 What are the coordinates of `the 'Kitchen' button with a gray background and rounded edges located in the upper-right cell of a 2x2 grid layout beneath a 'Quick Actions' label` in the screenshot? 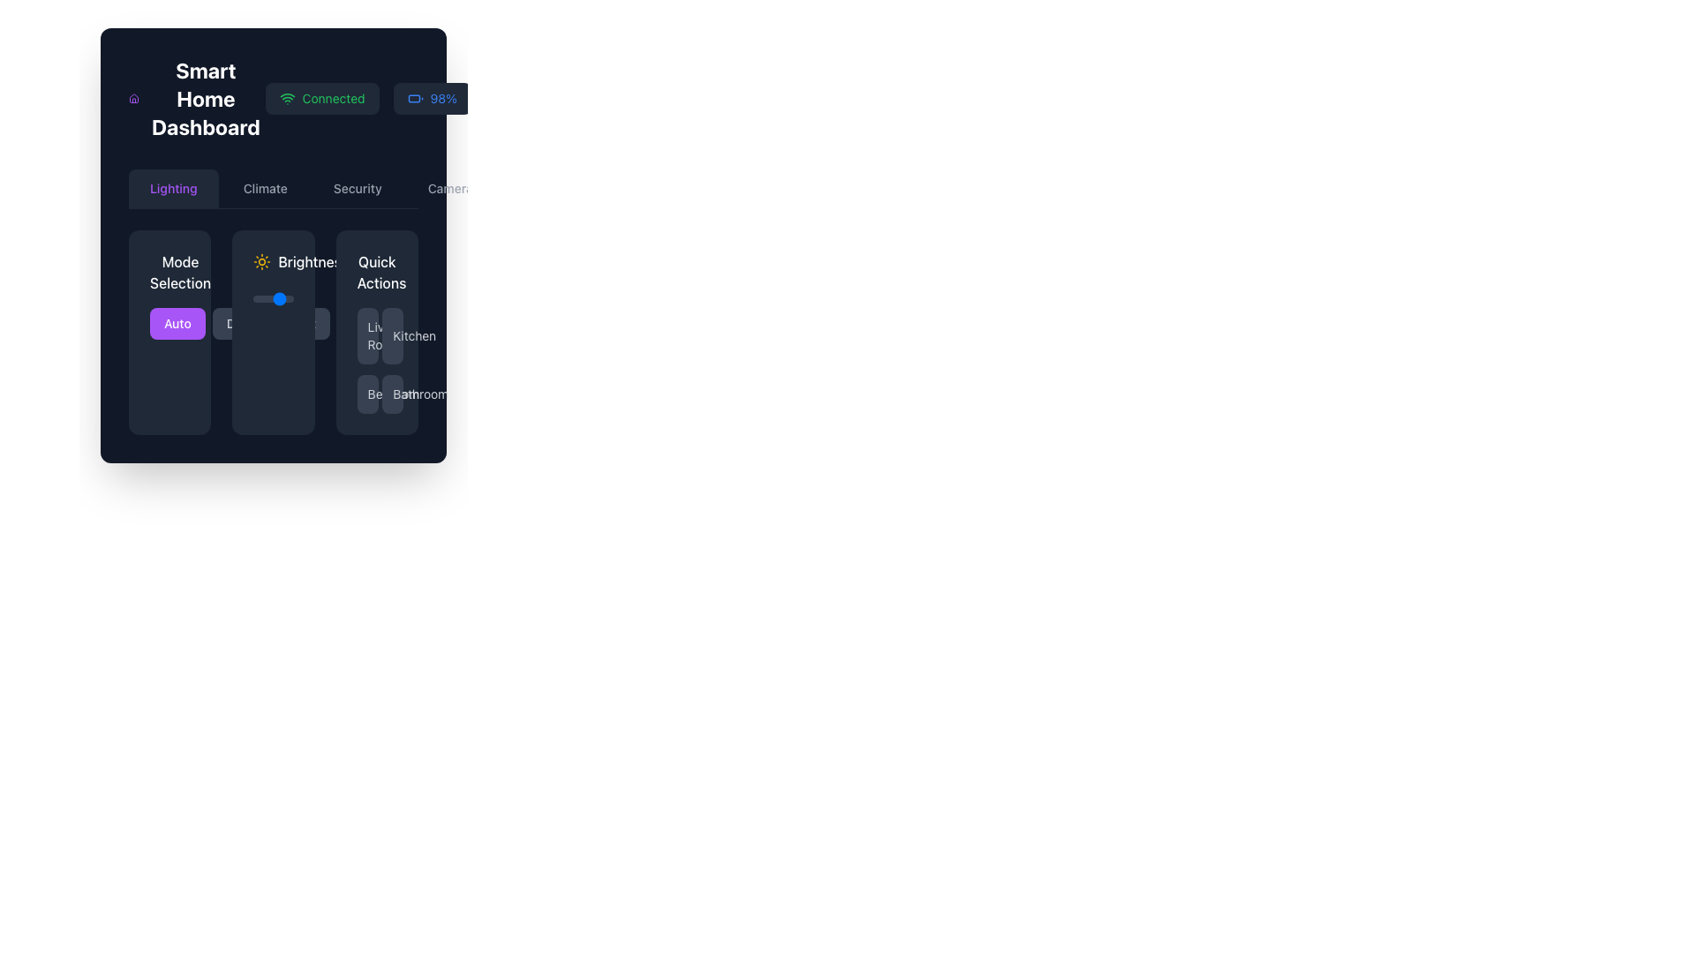 It's located at (392, 336).